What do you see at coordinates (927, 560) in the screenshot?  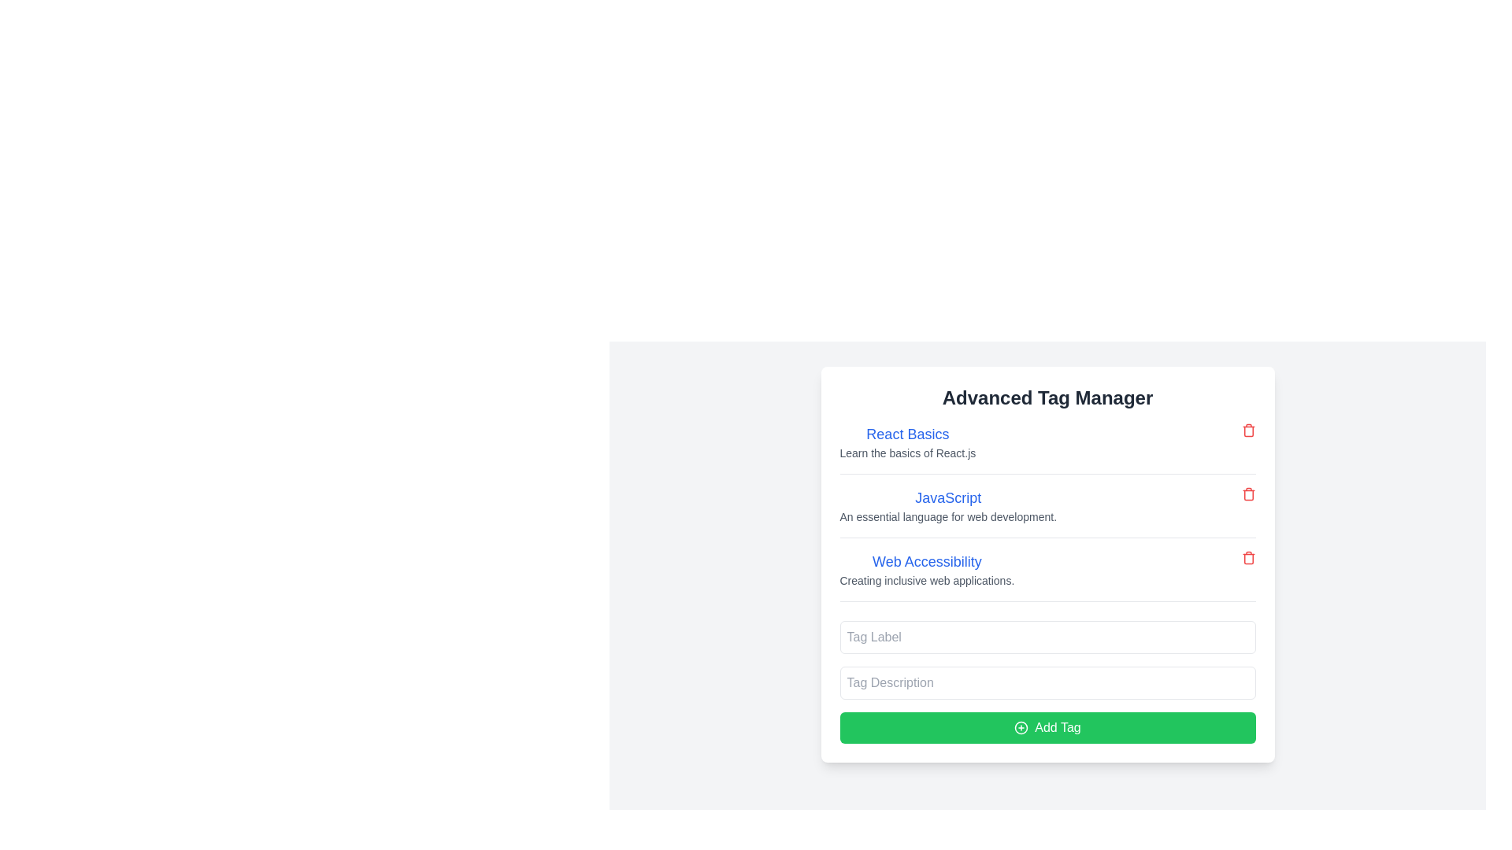 I see `text headline 'Web Accessibility' styled in large, blue, and bold font, prominently displayed on a white panel beneath the 'JavaScript' section` at bounding box center [927, 560].